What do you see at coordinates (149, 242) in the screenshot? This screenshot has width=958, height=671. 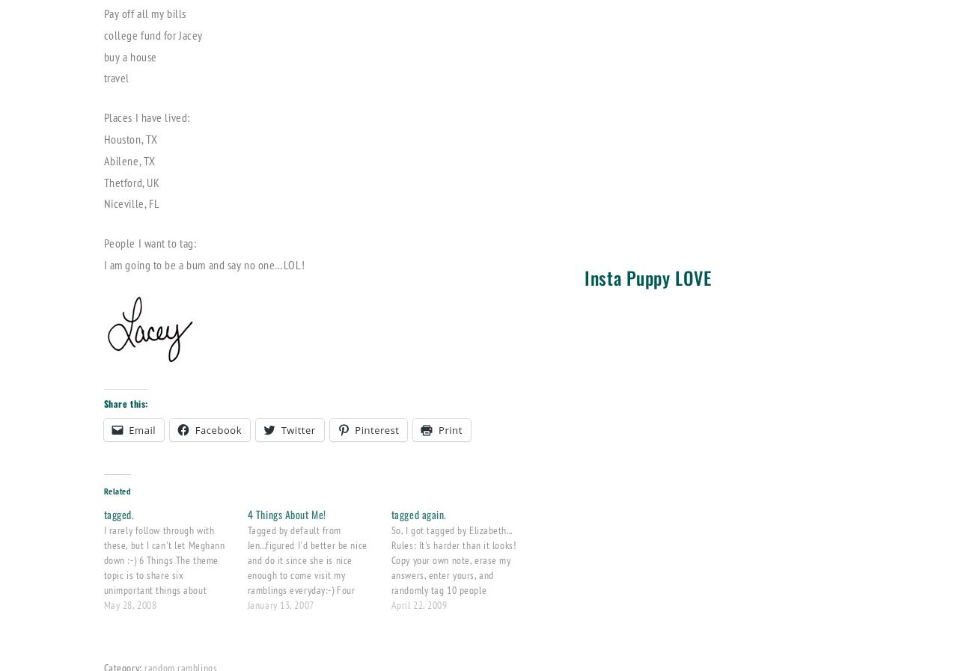 I see `'People I want to tag:'` at bounding box center [149, 242].